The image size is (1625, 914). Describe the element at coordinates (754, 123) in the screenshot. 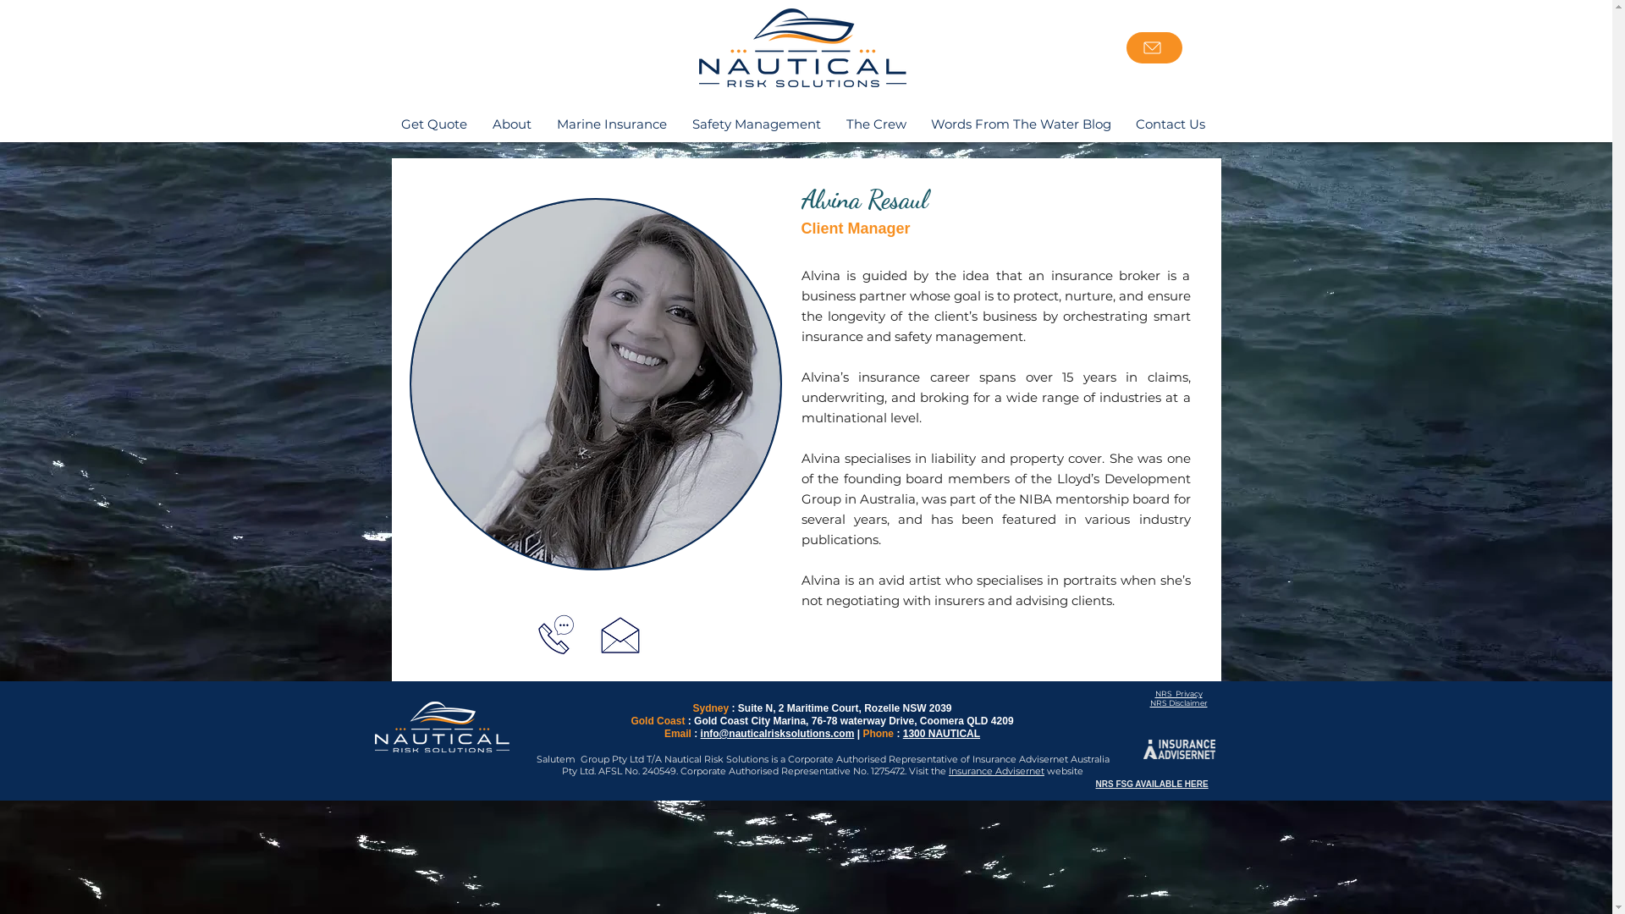

I see `'Safety Management'` at that location.